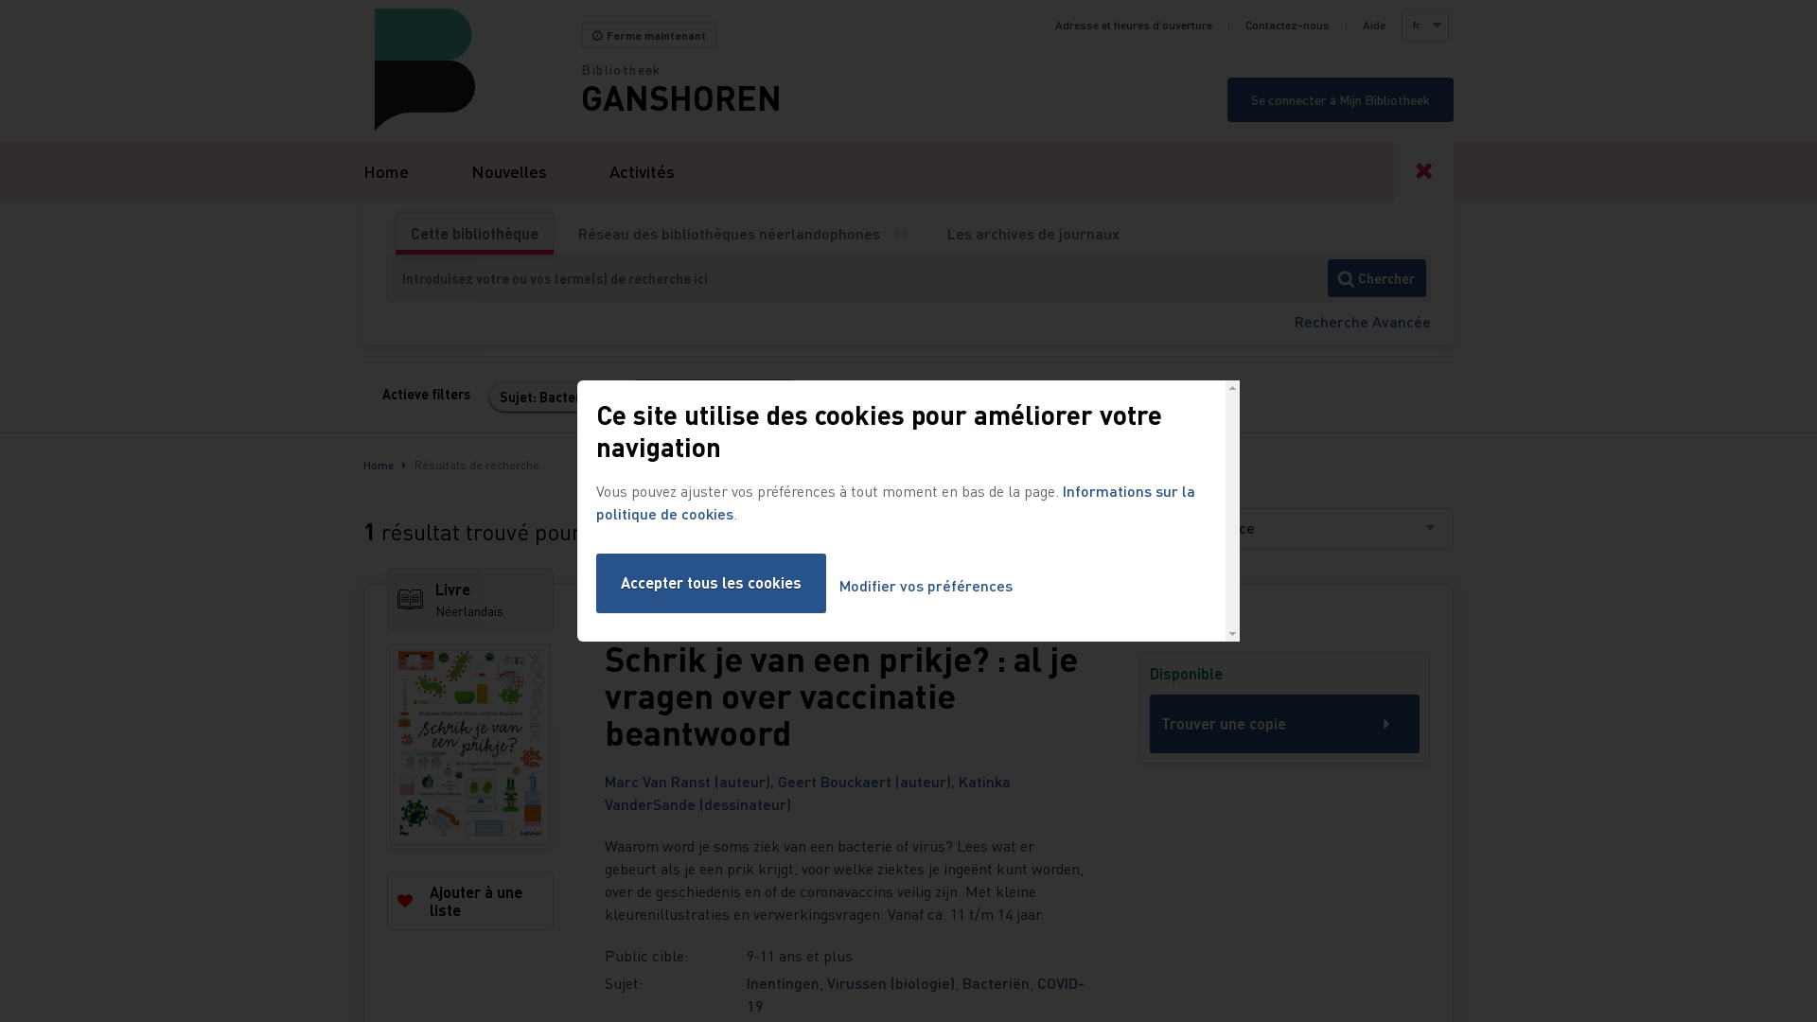  What do you see at coordinates (0, 0) in the screenshot?
I see `'Skip to search'` at bounding box center [0, 0].